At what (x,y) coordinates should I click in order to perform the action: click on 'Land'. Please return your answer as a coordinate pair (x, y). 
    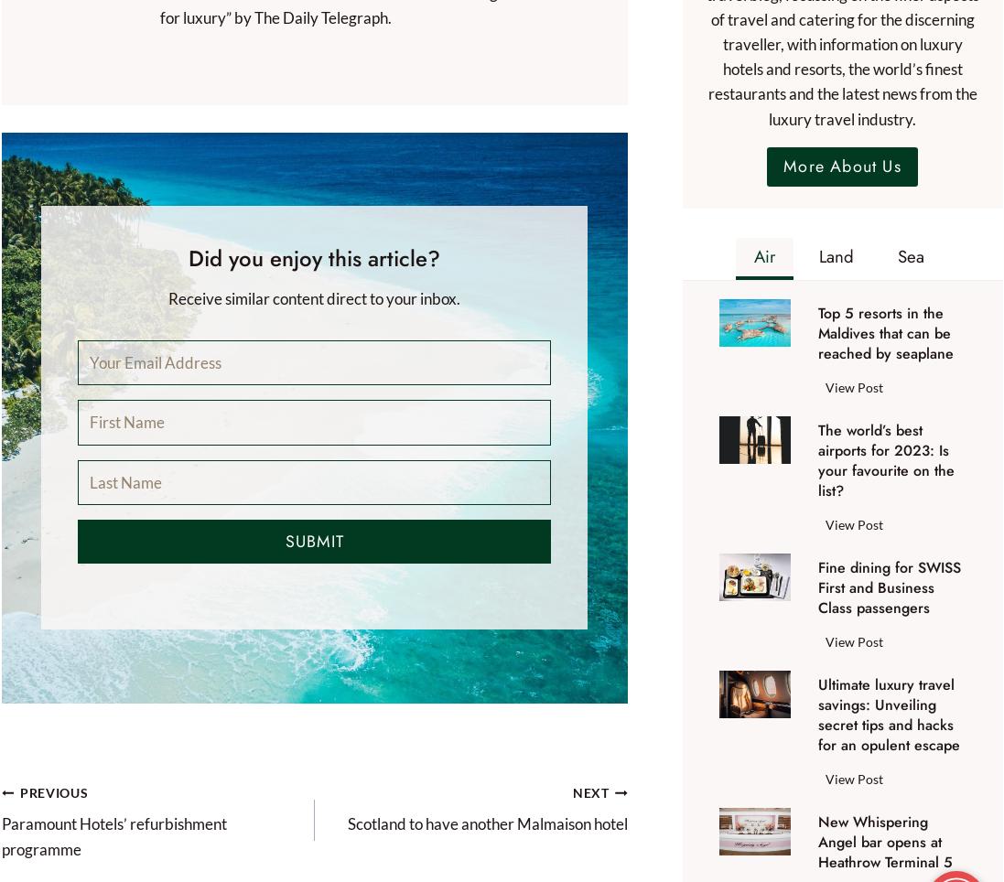
    Looking at the image, I should click on (816, 254).